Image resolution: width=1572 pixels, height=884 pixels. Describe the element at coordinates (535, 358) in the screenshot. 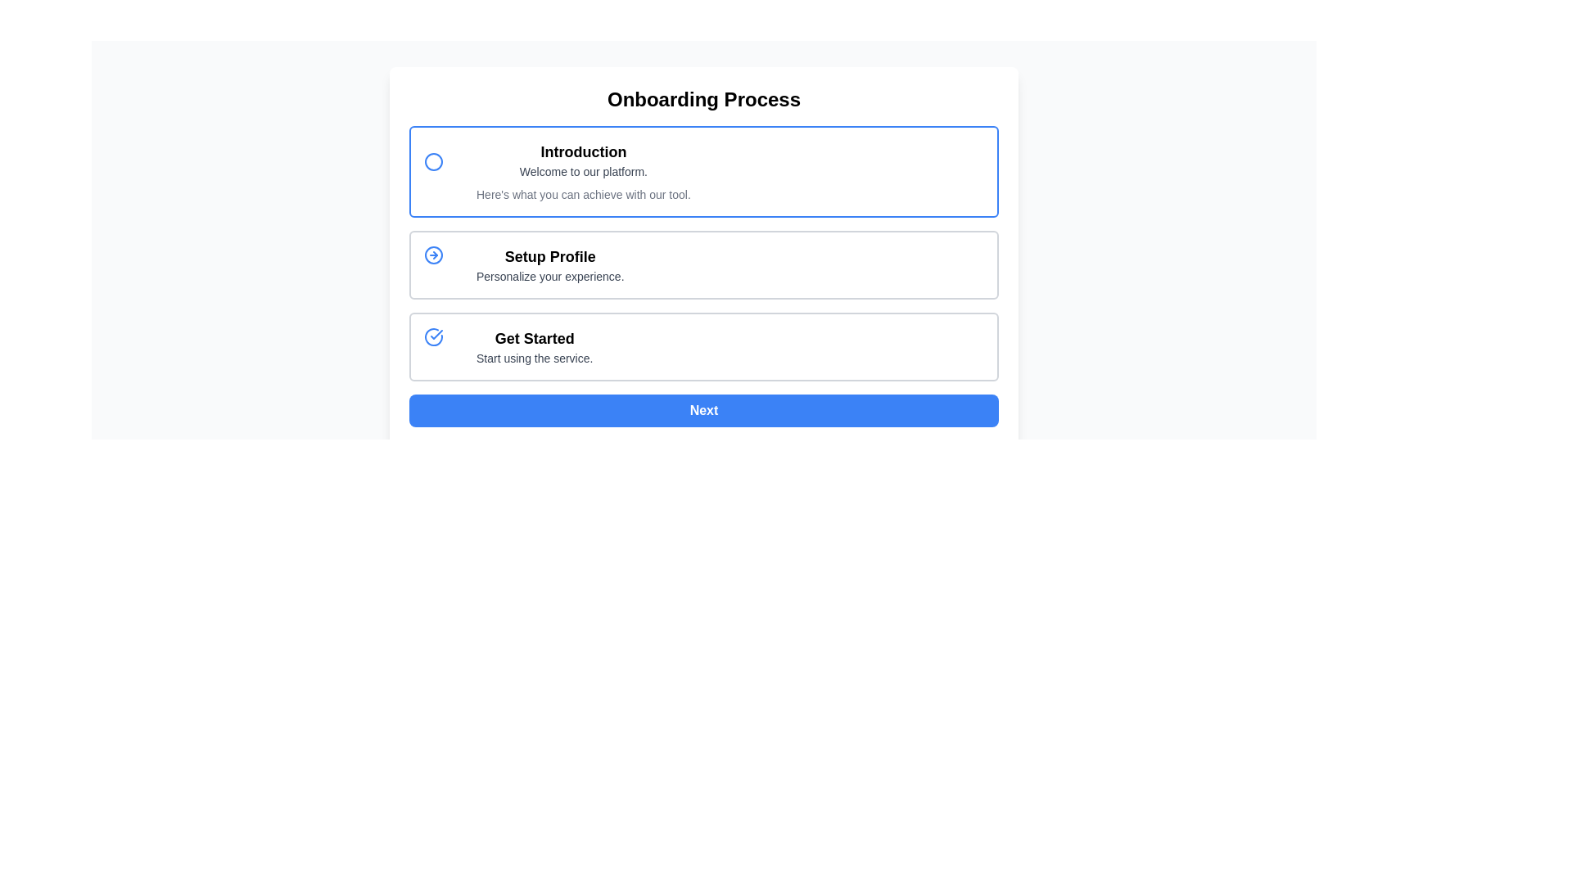

I see `the text label that provides instructions for the 'Get Started' step in the onboarding process, positioned directly below the bolded text 'Get Started'` at that location.